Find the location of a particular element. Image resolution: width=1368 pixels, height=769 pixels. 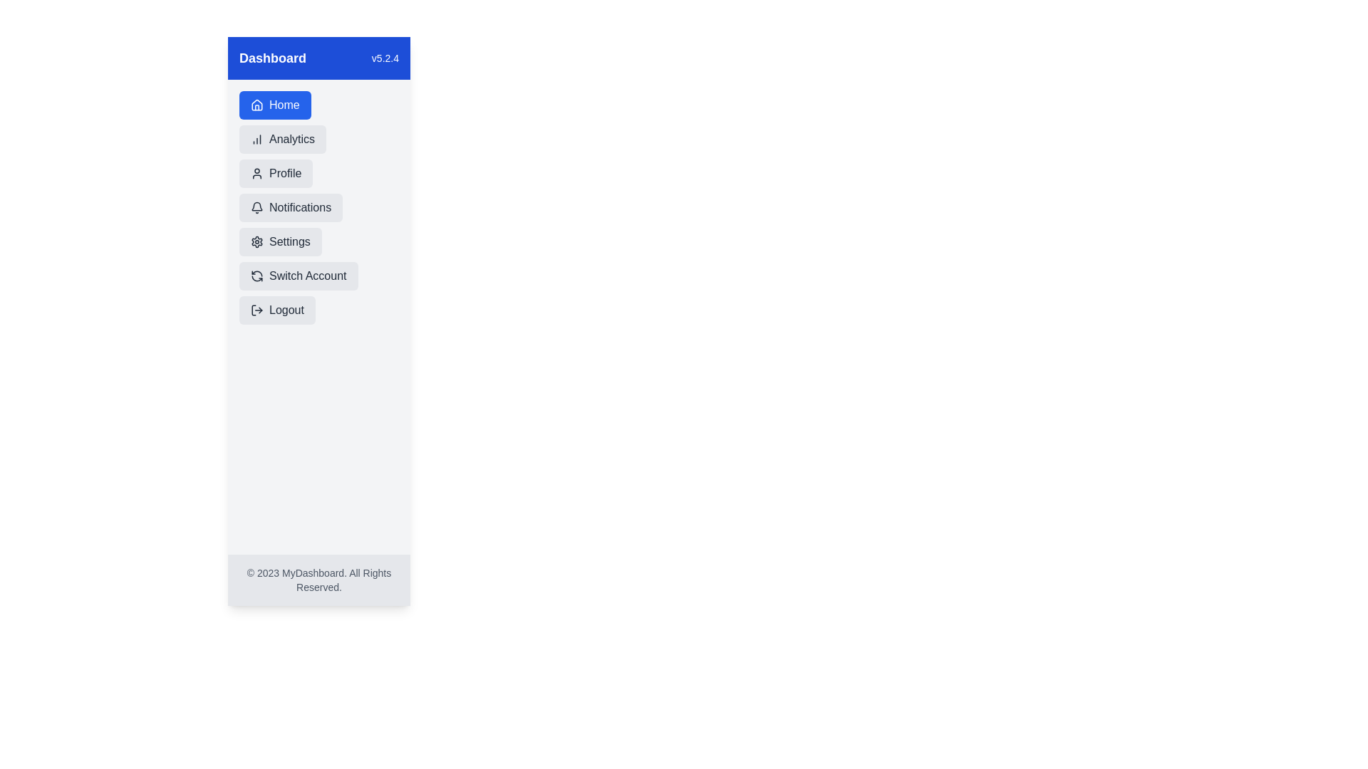

the 'Profile' text label is located at coordinates (285, 172).